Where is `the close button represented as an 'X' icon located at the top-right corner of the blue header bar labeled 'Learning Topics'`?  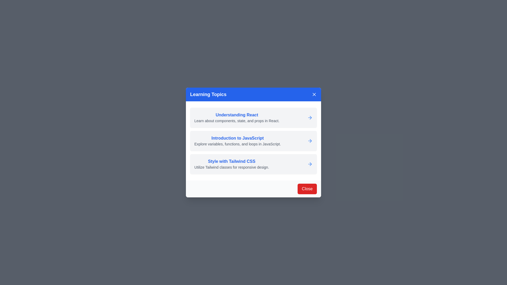
the close button represented as an 'X' icon located at the top-right corner of the blue header bar labeled 'Learning Topics' is located at coordinates (314, 94).